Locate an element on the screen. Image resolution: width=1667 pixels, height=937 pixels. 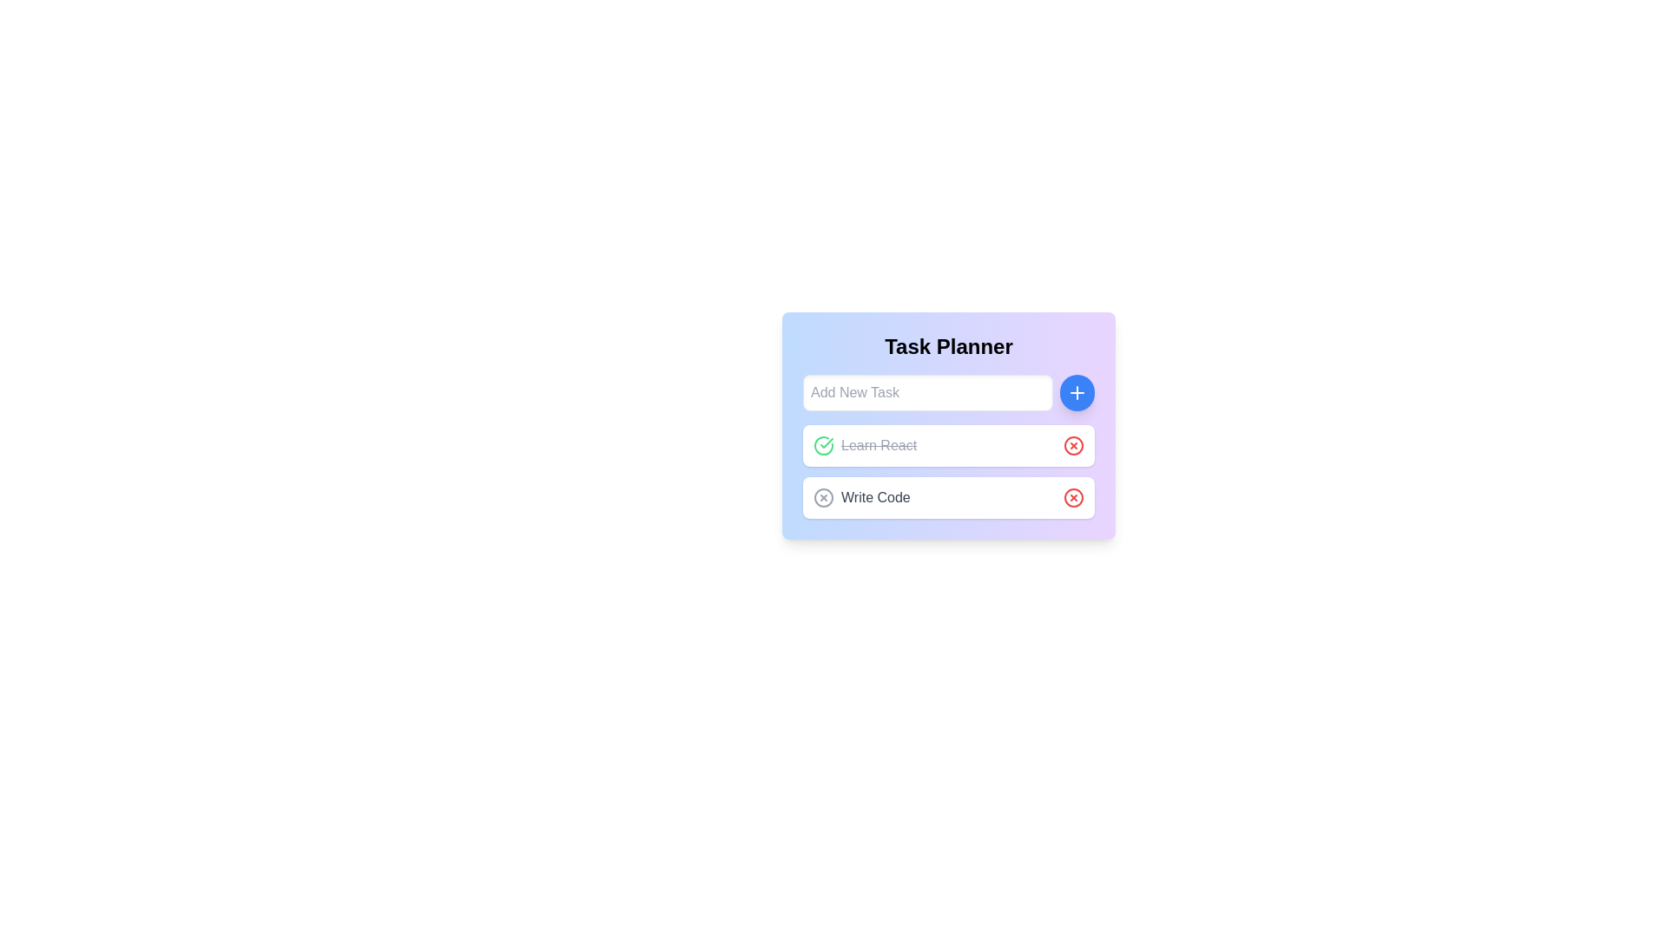
the text label that says 'Write Code', which is located in the second row of tasks under the 'Task Planner' header, between a circular status icon and a red outlined 'X' button is located at coordinates (875, 498).